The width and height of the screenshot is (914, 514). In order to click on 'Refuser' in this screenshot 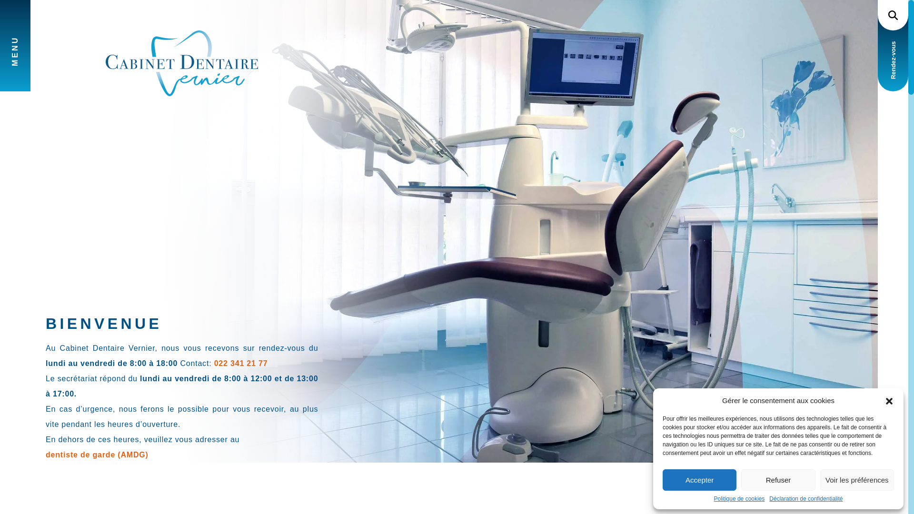, I will do `click(778, 480)`.